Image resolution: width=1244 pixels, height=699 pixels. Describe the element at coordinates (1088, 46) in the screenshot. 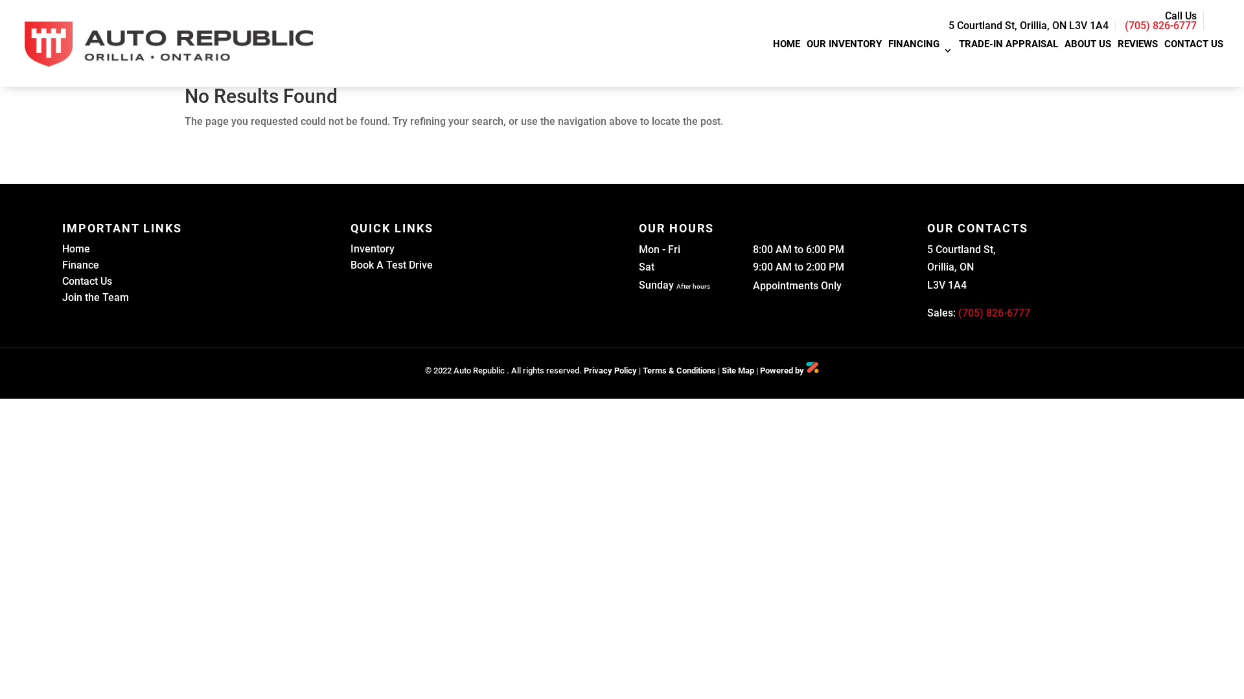

I see `'ABOUT US'` at that location.